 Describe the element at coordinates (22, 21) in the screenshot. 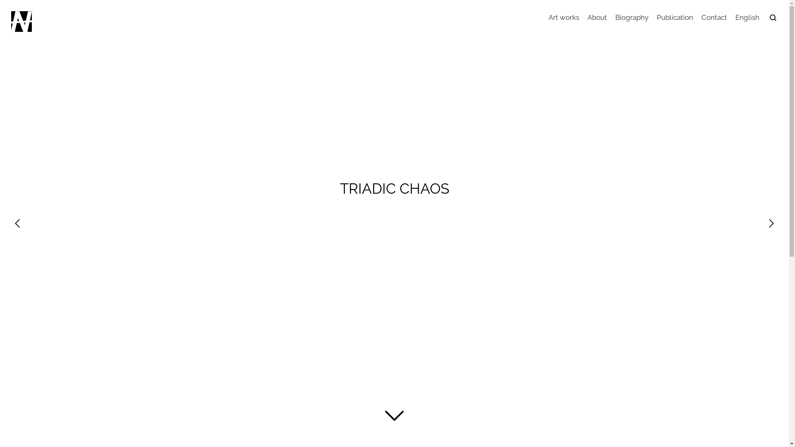

I see `'Artist unit-NAGI'` at that location.